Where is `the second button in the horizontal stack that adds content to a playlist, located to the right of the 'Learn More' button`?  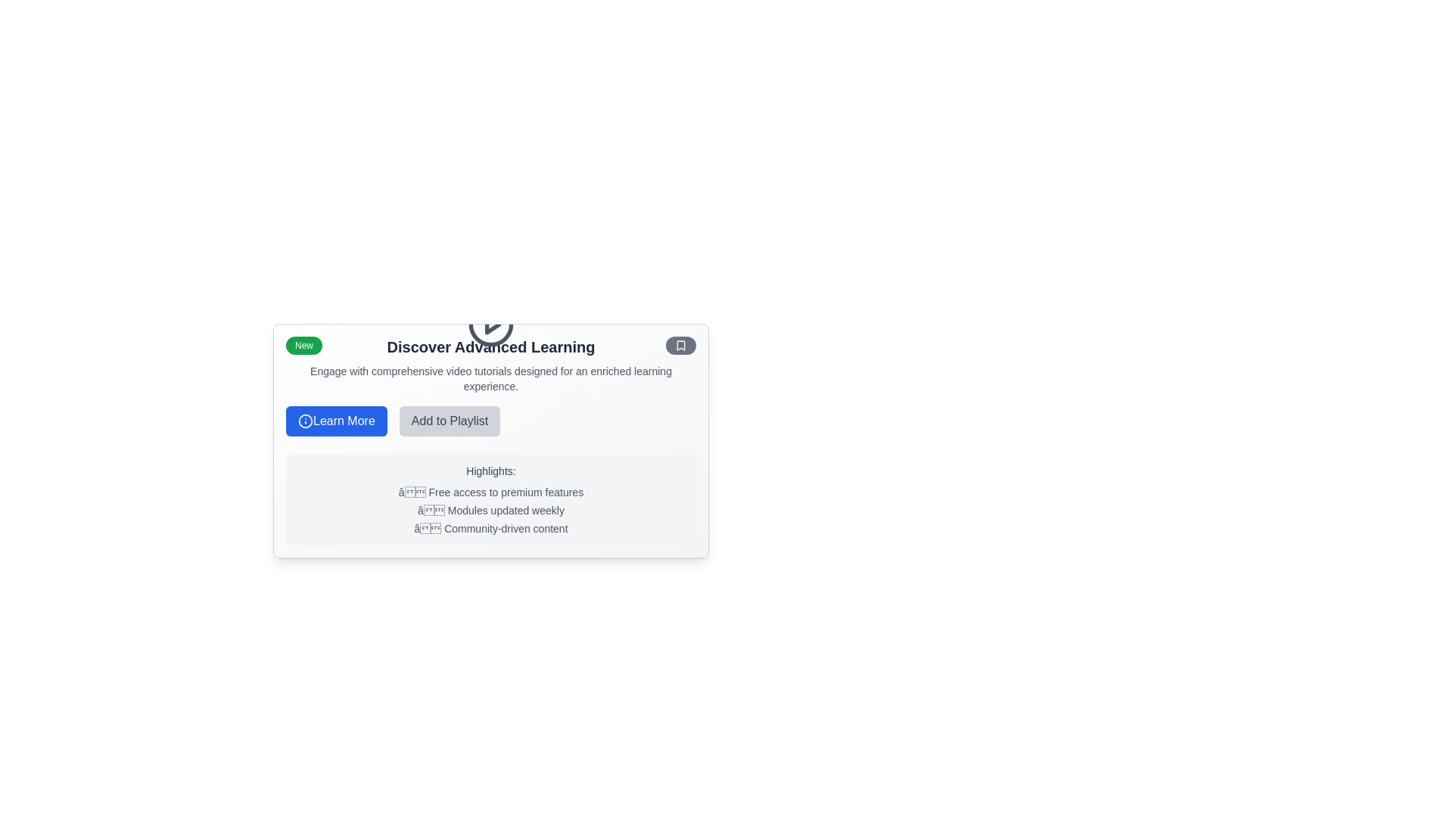
the second button in the horizontal stack that adds content to a playlist, located to the right of the 'Learn More' button is located at coordinates (449, 421).